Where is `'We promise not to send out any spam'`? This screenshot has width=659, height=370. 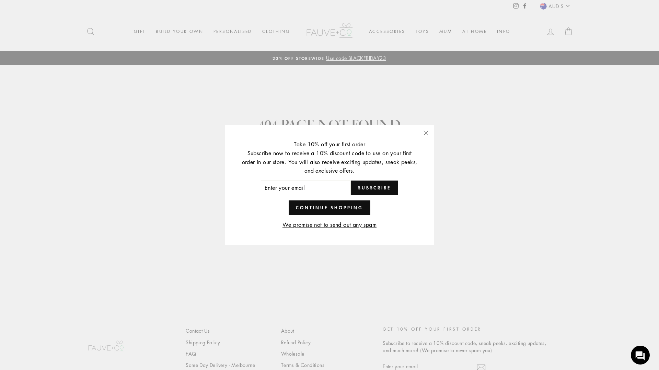 'We promise not to send out any spam' is located at coordinates (329, 225).